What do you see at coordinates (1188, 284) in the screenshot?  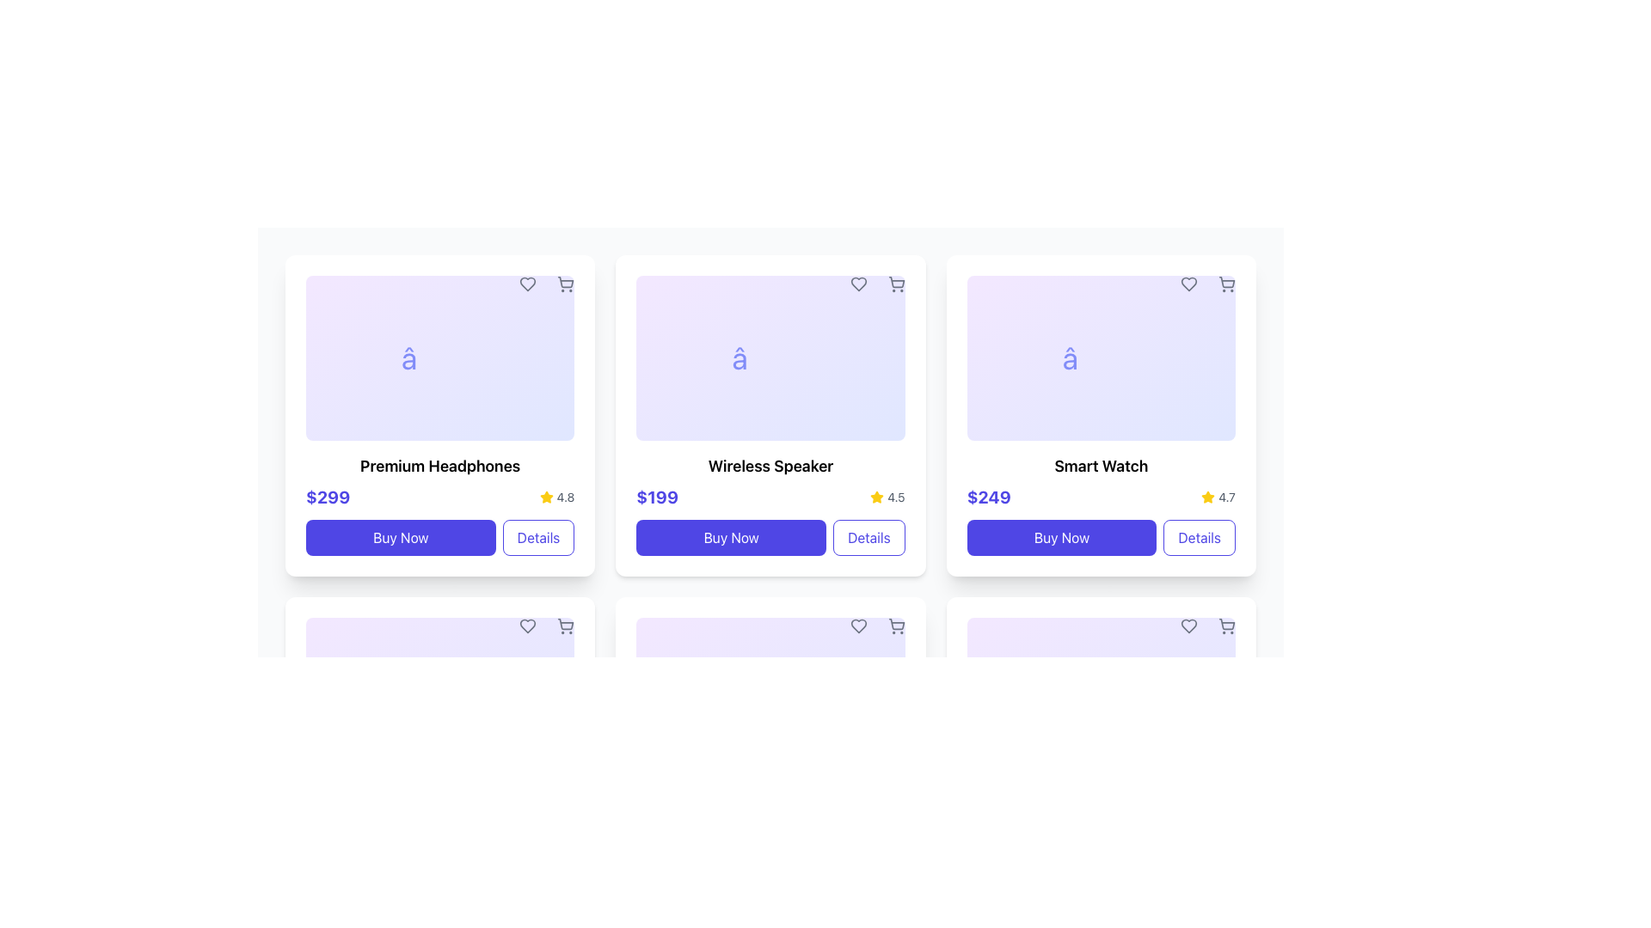 I see `the heart icon located at the top-right corner of the 'Smart Watch' product card to favorite or unfavorite the item` at bounding box center [1188, 284].